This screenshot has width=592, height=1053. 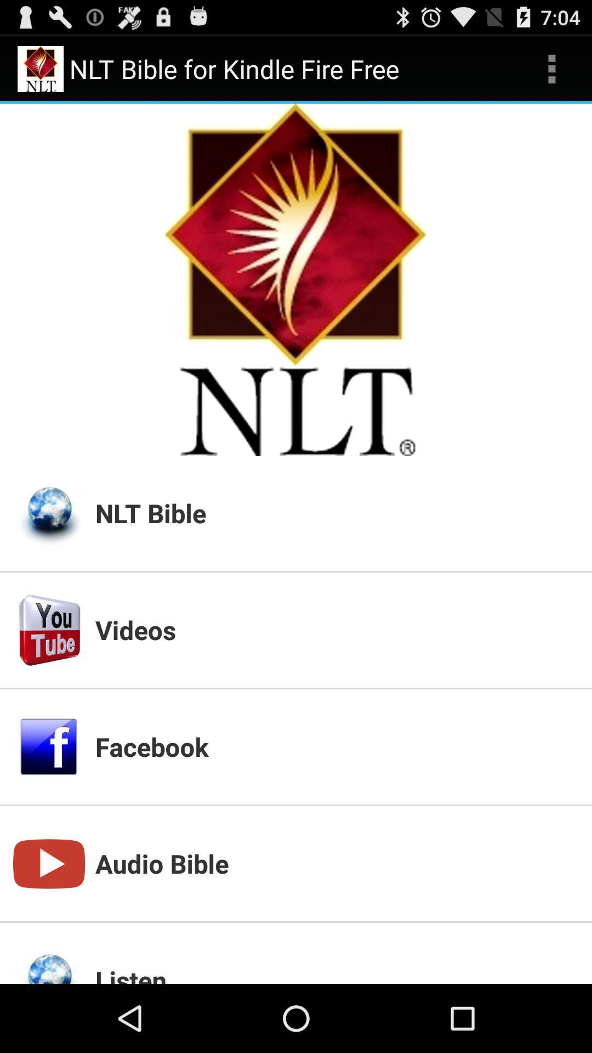 What do you see at coordinates (336, 973) in the screenshot?
I see `listen icon` at bounding box center [336, 973].